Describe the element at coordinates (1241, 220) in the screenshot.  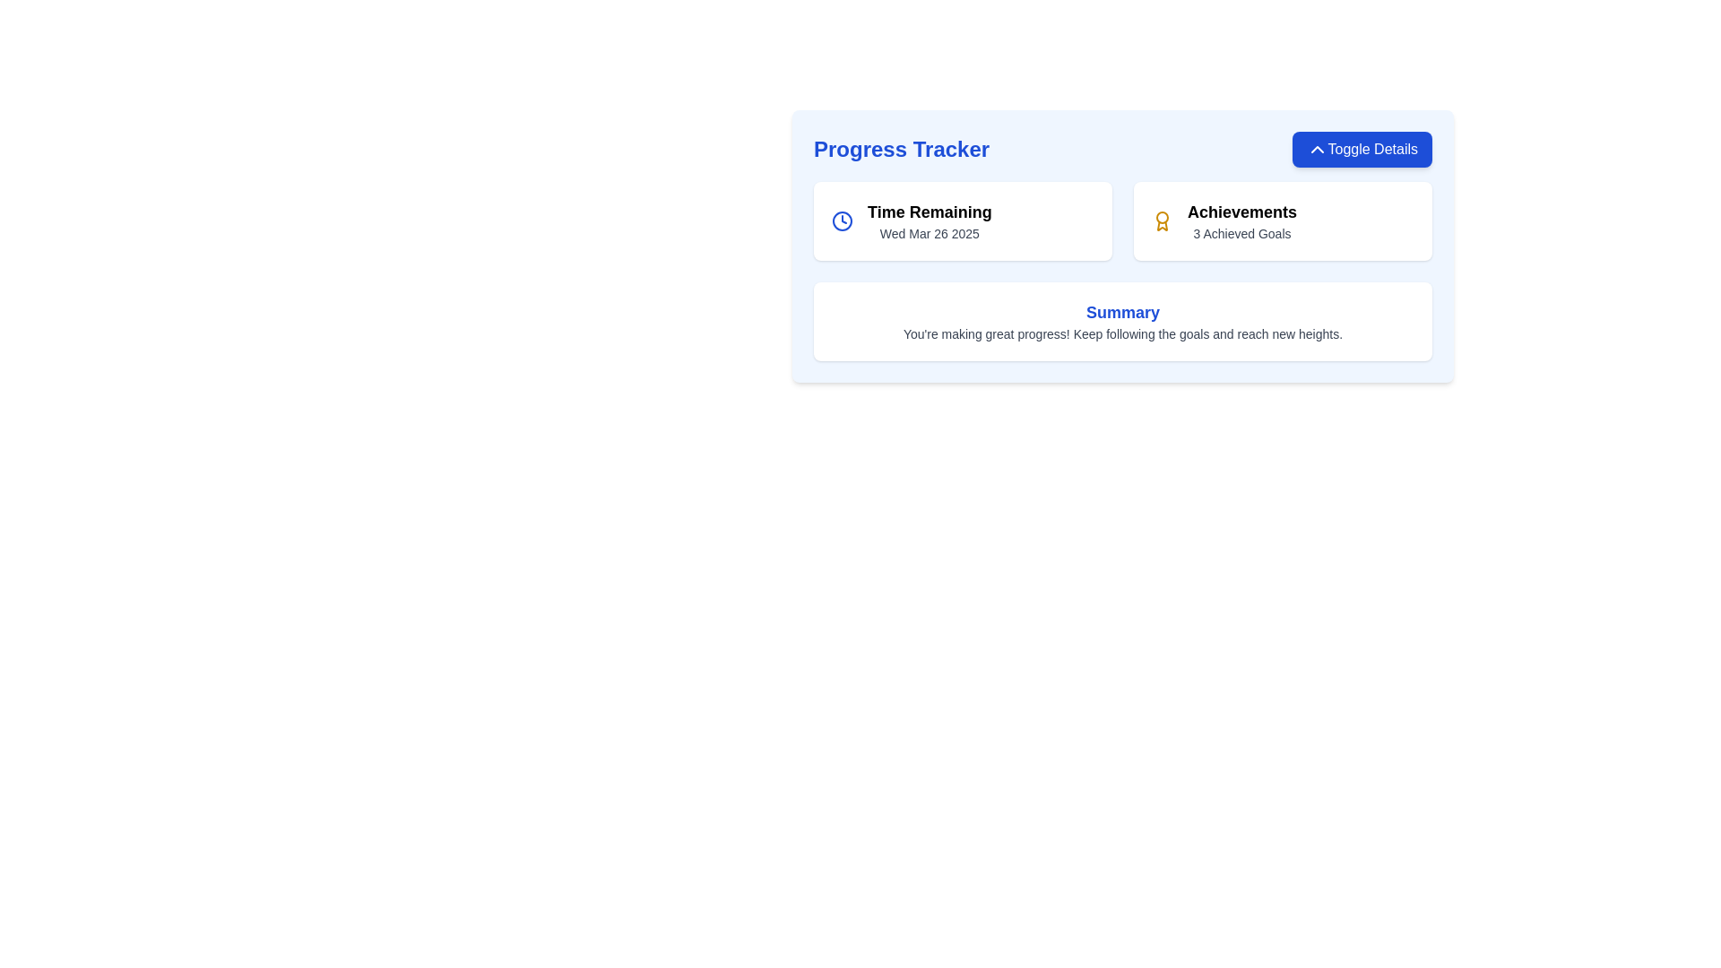
I see `the informational text section displaying the number of achievements completed, located to the right of a small yellow award icon on the rectangular white card in the upper-right section of the 'Progress Tracker' interface` at that location.